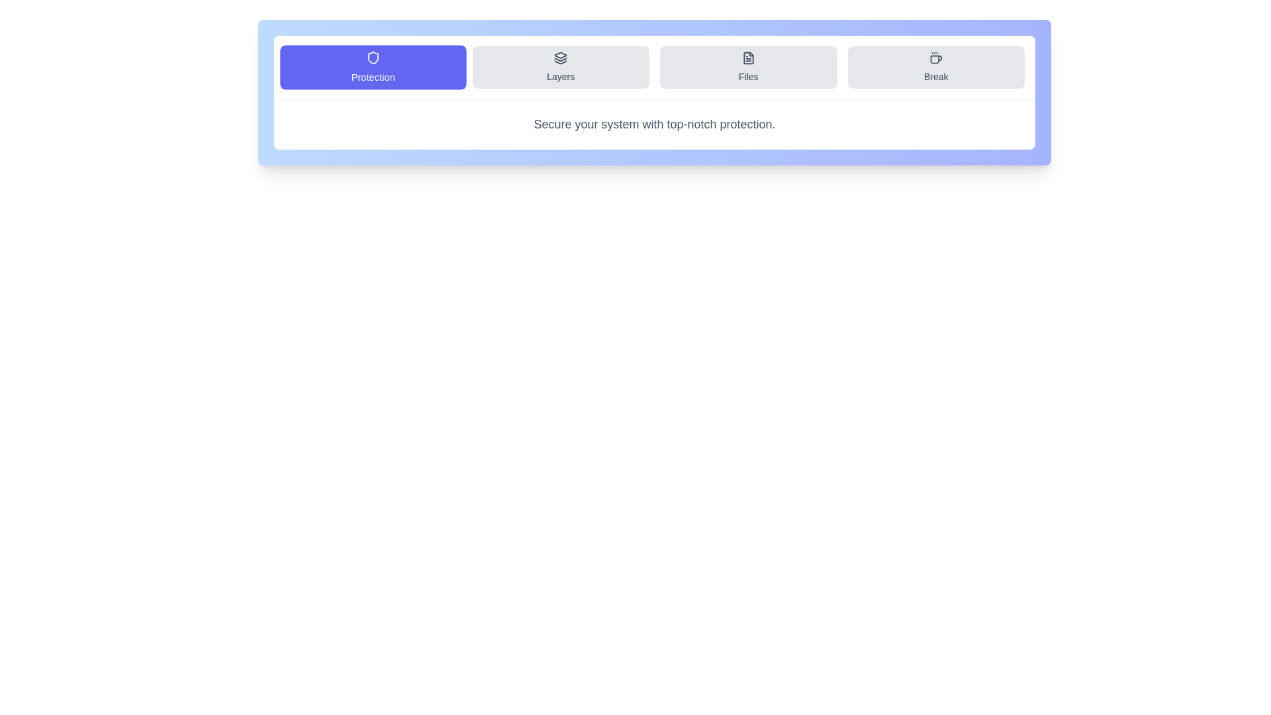 This screenshot has height=715, width=1271. I want to click on the icon of the Layers tab, so click(561, 58).